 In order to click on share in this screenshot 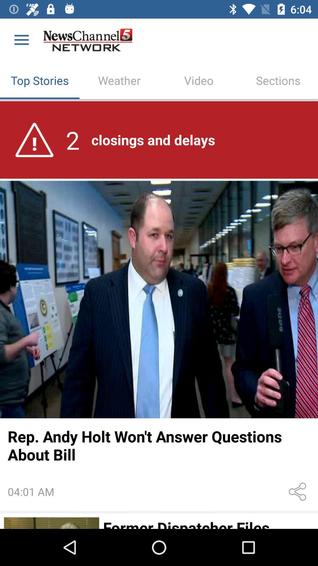, I will do `click(299, 492)`.